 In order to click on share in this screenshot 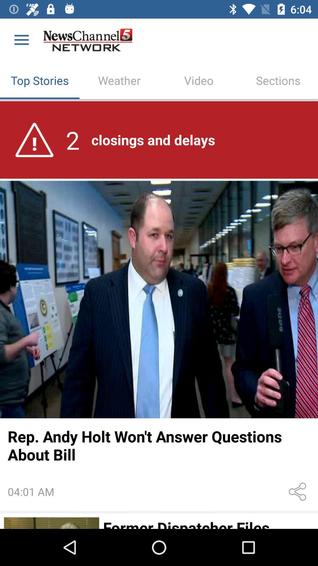, I will do `click(299, 492)`.